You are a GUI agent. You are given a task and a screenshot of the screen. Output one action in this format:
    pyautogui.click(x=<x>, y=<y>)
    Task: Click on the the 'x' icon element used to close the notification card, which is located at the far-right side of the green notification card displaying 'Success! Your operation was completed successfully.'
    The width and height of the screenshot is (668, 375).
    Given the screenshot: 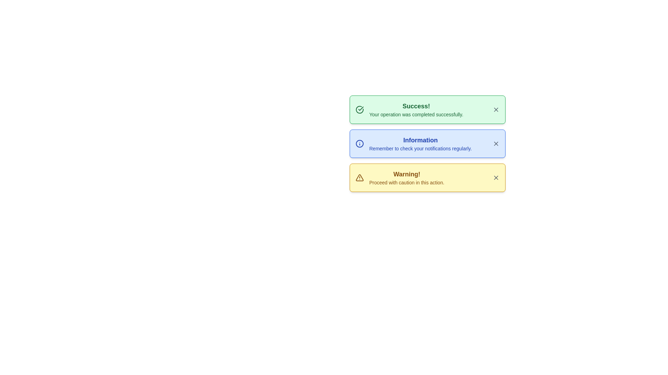 What is the action you would take?
    pyautogui.click(x=495, y=109)
    